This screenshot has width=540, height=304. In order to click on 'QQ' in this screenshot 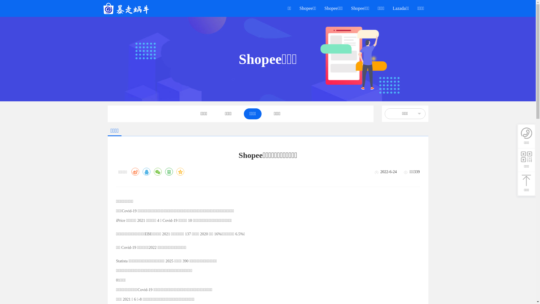, I will do `click(147, 171)`.